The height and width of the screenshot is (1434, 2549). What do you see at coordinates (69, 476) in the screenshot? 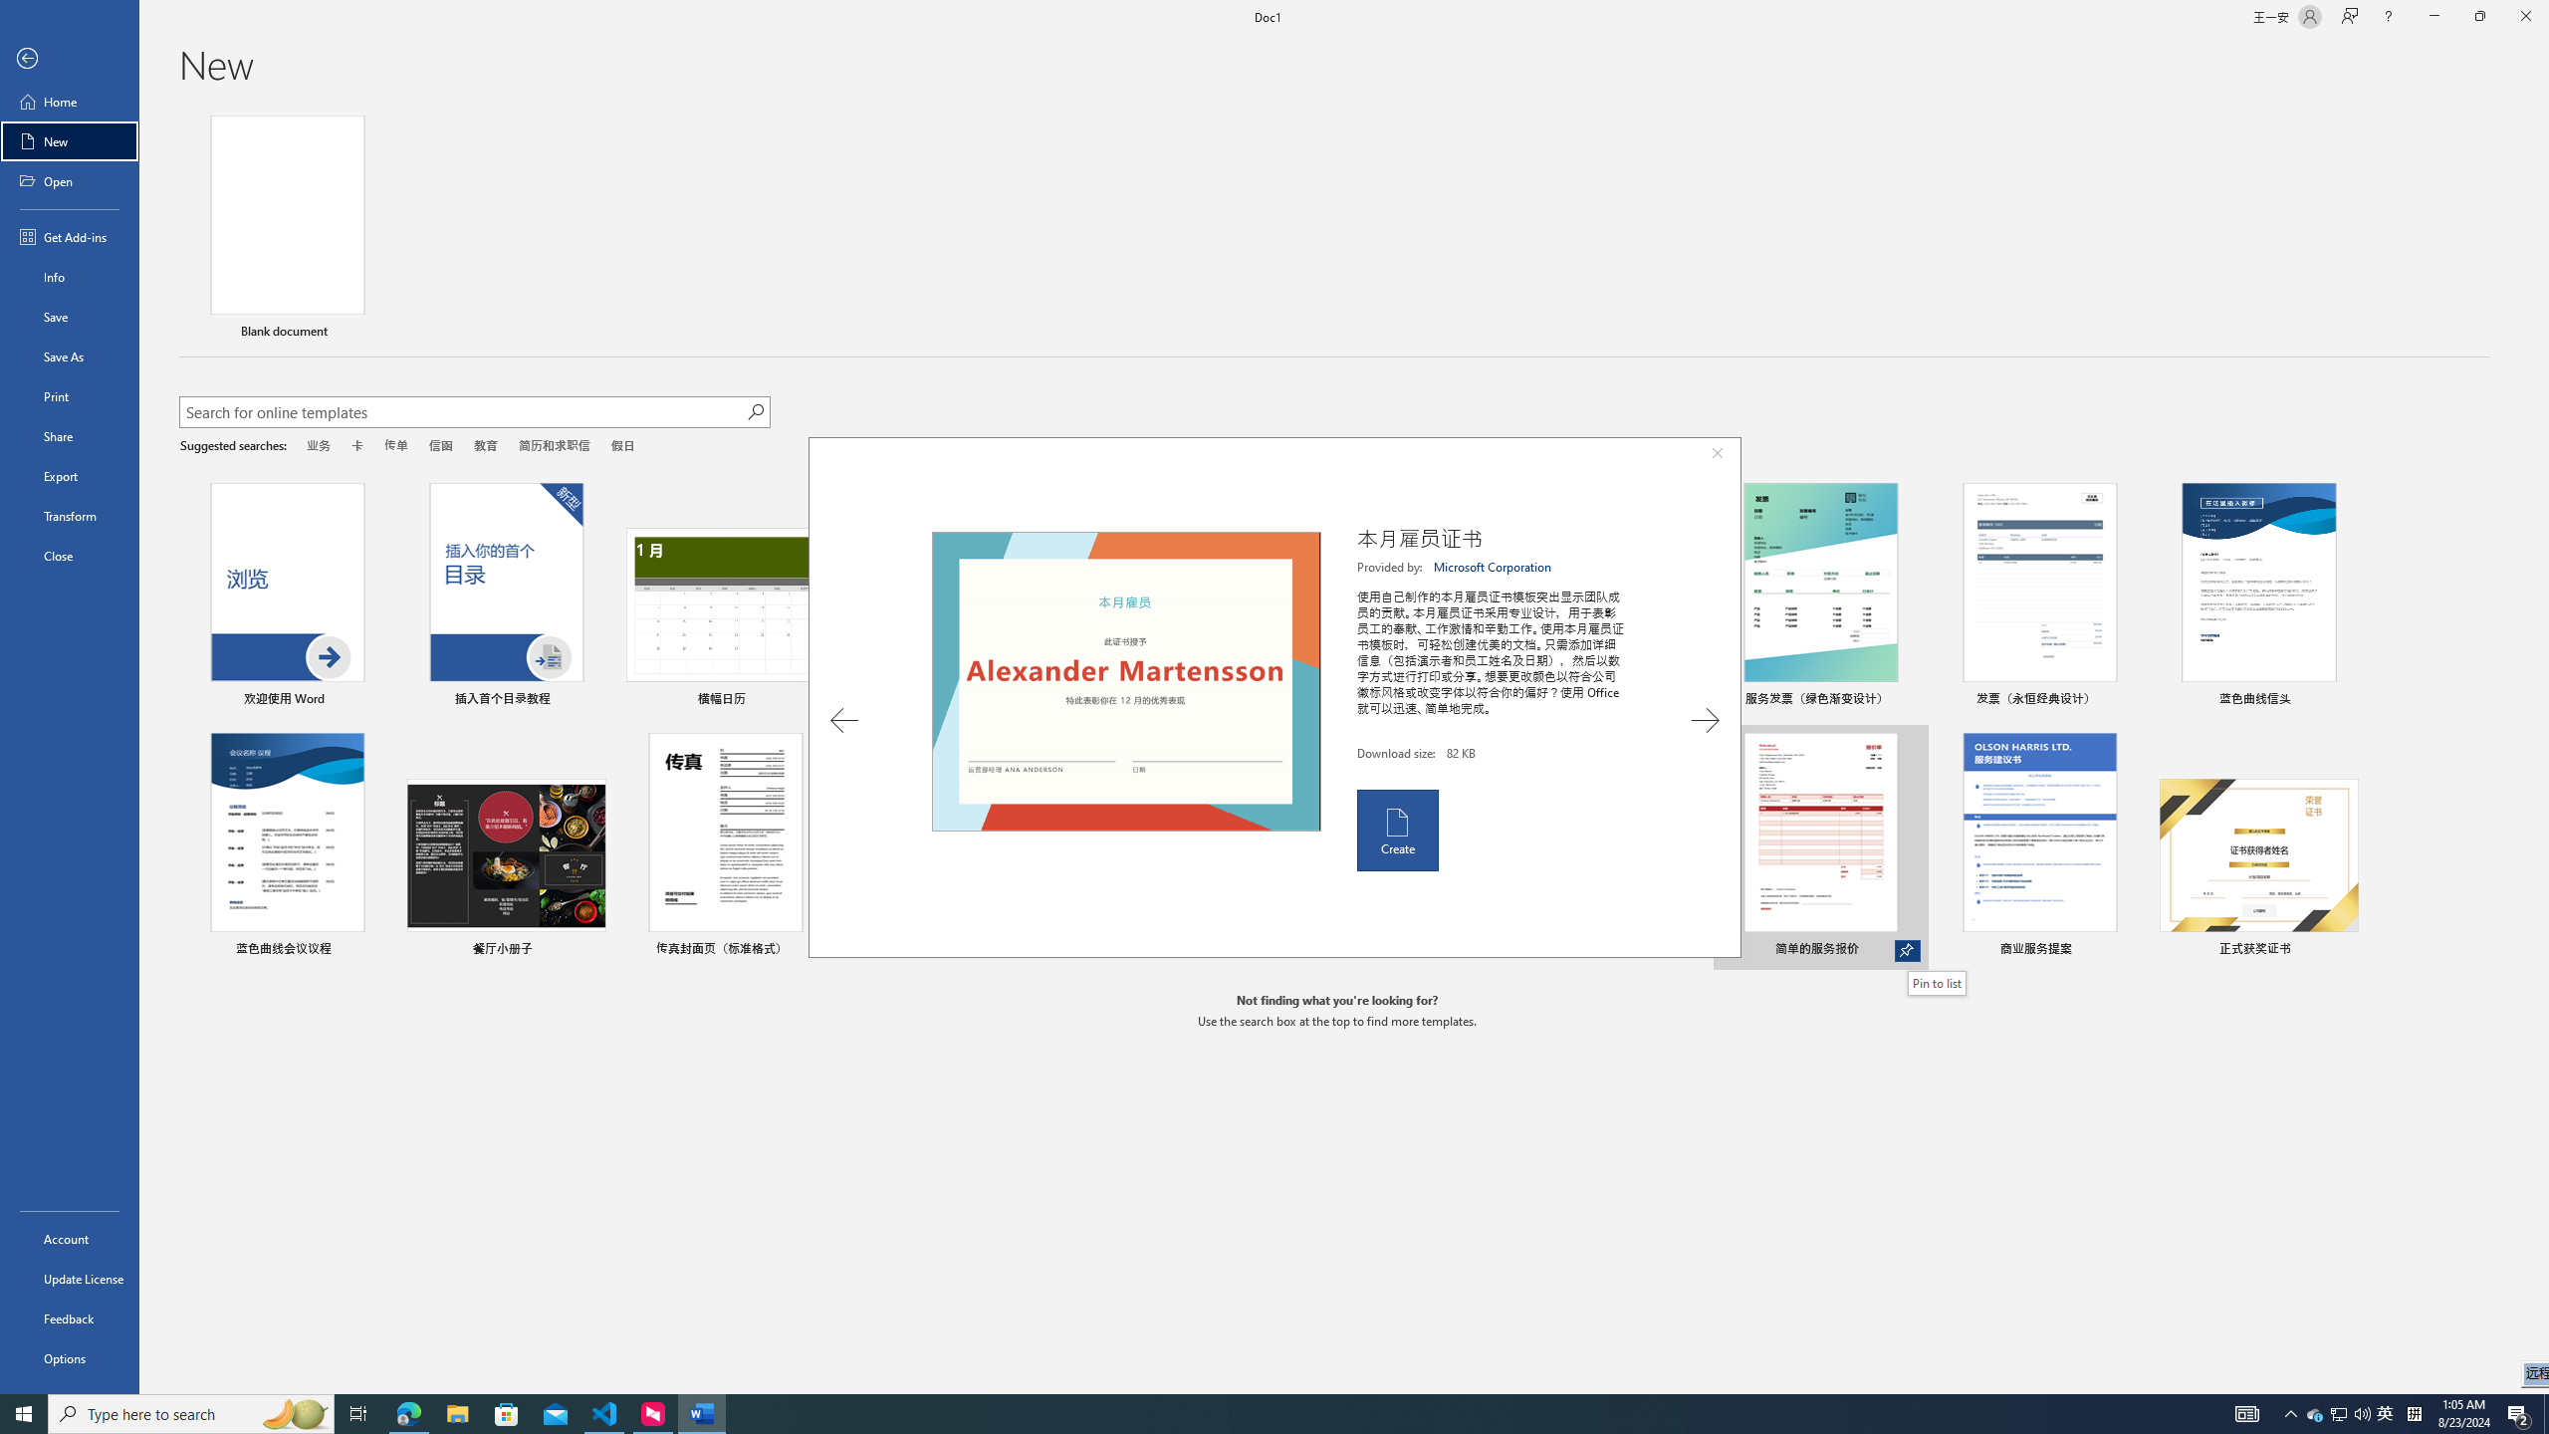
I see `'Export'` at bounding box center [69, 476].